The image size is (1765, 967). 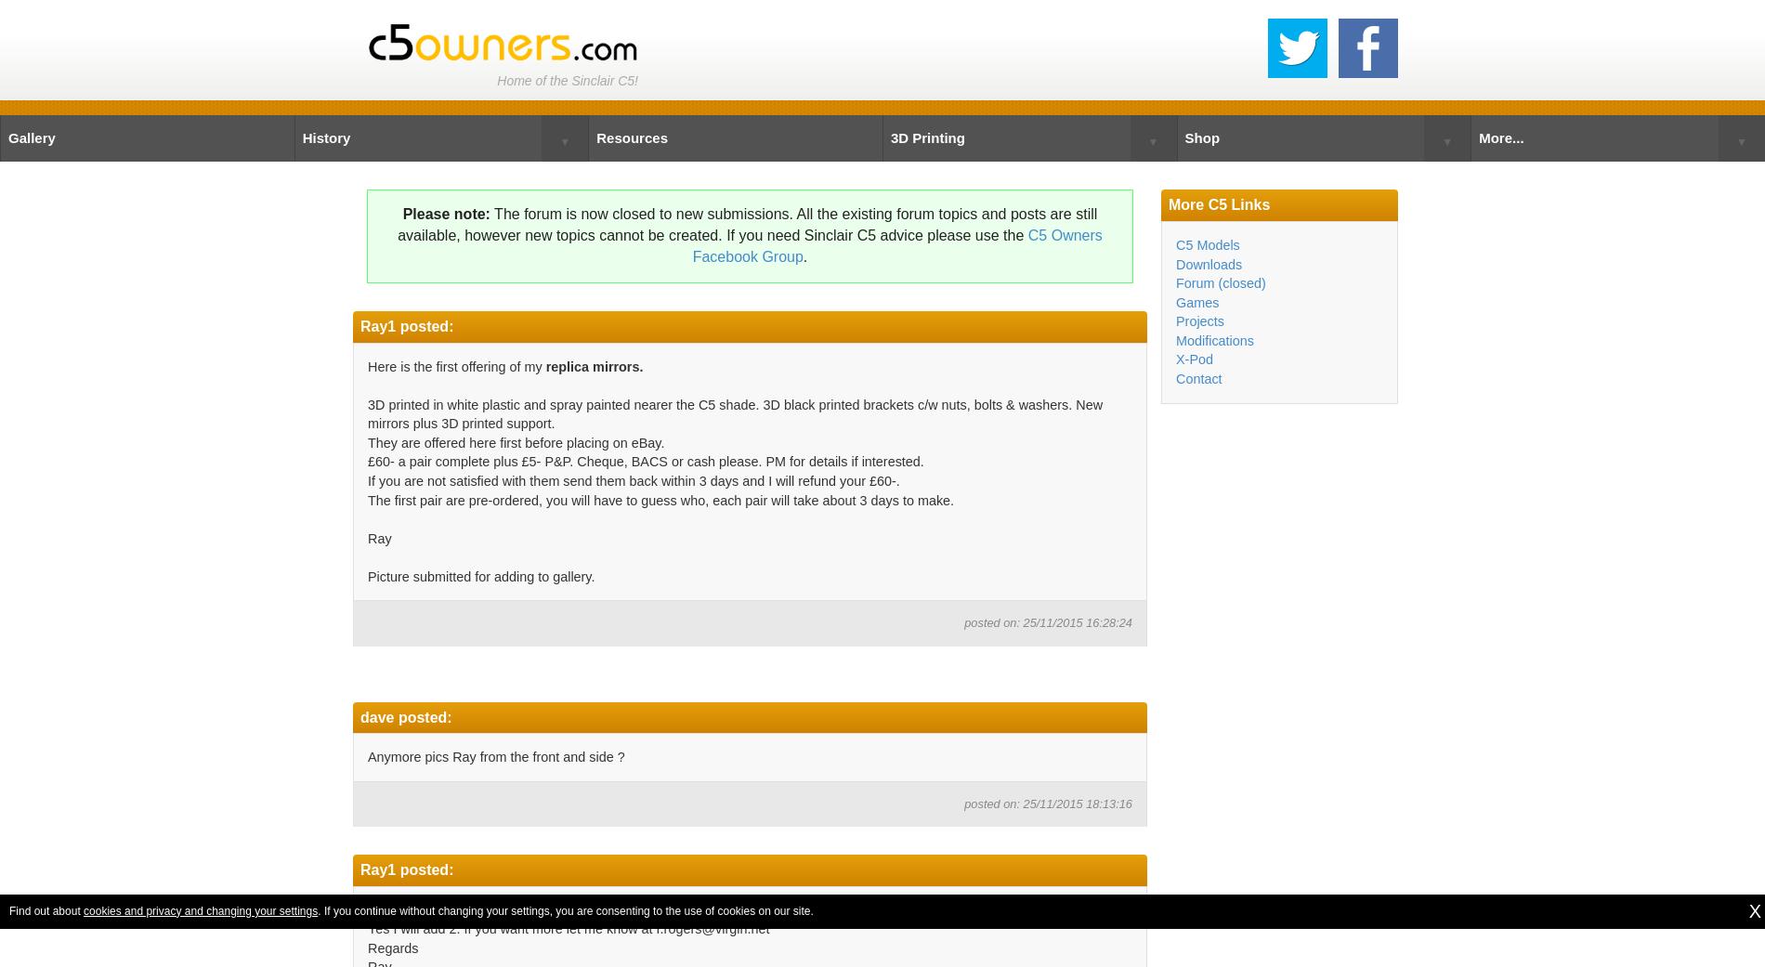 What do you see at coordinates (734, 412) in the screenshot?
I see `'3D printed in white plastic and spray painted nearer the C5 shade. 3D black printed brackets c/w nuts, bolts & washers. New mirrors plus 3D printed support.'` at bounding box center [734, 412].